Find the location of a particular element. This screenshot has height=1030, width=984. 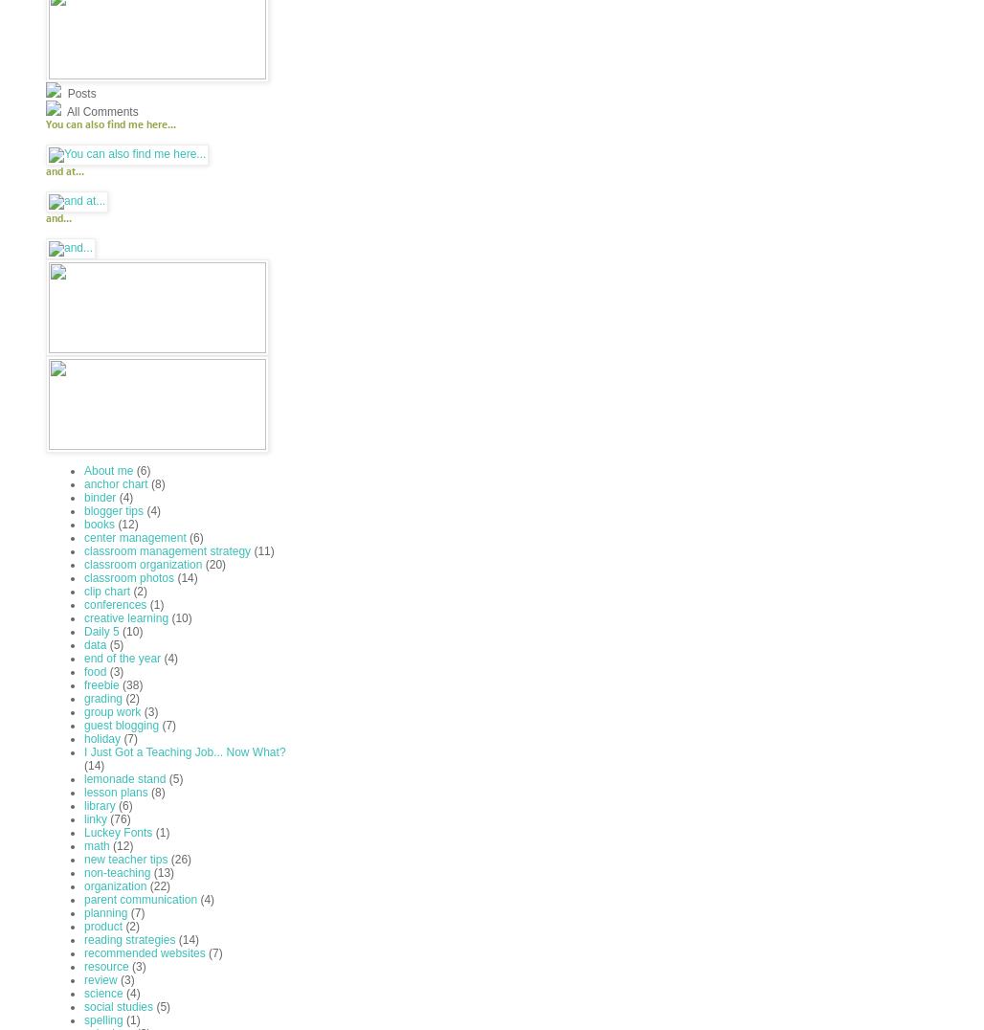

'non-teaching' is located at coordinates (82, 872).